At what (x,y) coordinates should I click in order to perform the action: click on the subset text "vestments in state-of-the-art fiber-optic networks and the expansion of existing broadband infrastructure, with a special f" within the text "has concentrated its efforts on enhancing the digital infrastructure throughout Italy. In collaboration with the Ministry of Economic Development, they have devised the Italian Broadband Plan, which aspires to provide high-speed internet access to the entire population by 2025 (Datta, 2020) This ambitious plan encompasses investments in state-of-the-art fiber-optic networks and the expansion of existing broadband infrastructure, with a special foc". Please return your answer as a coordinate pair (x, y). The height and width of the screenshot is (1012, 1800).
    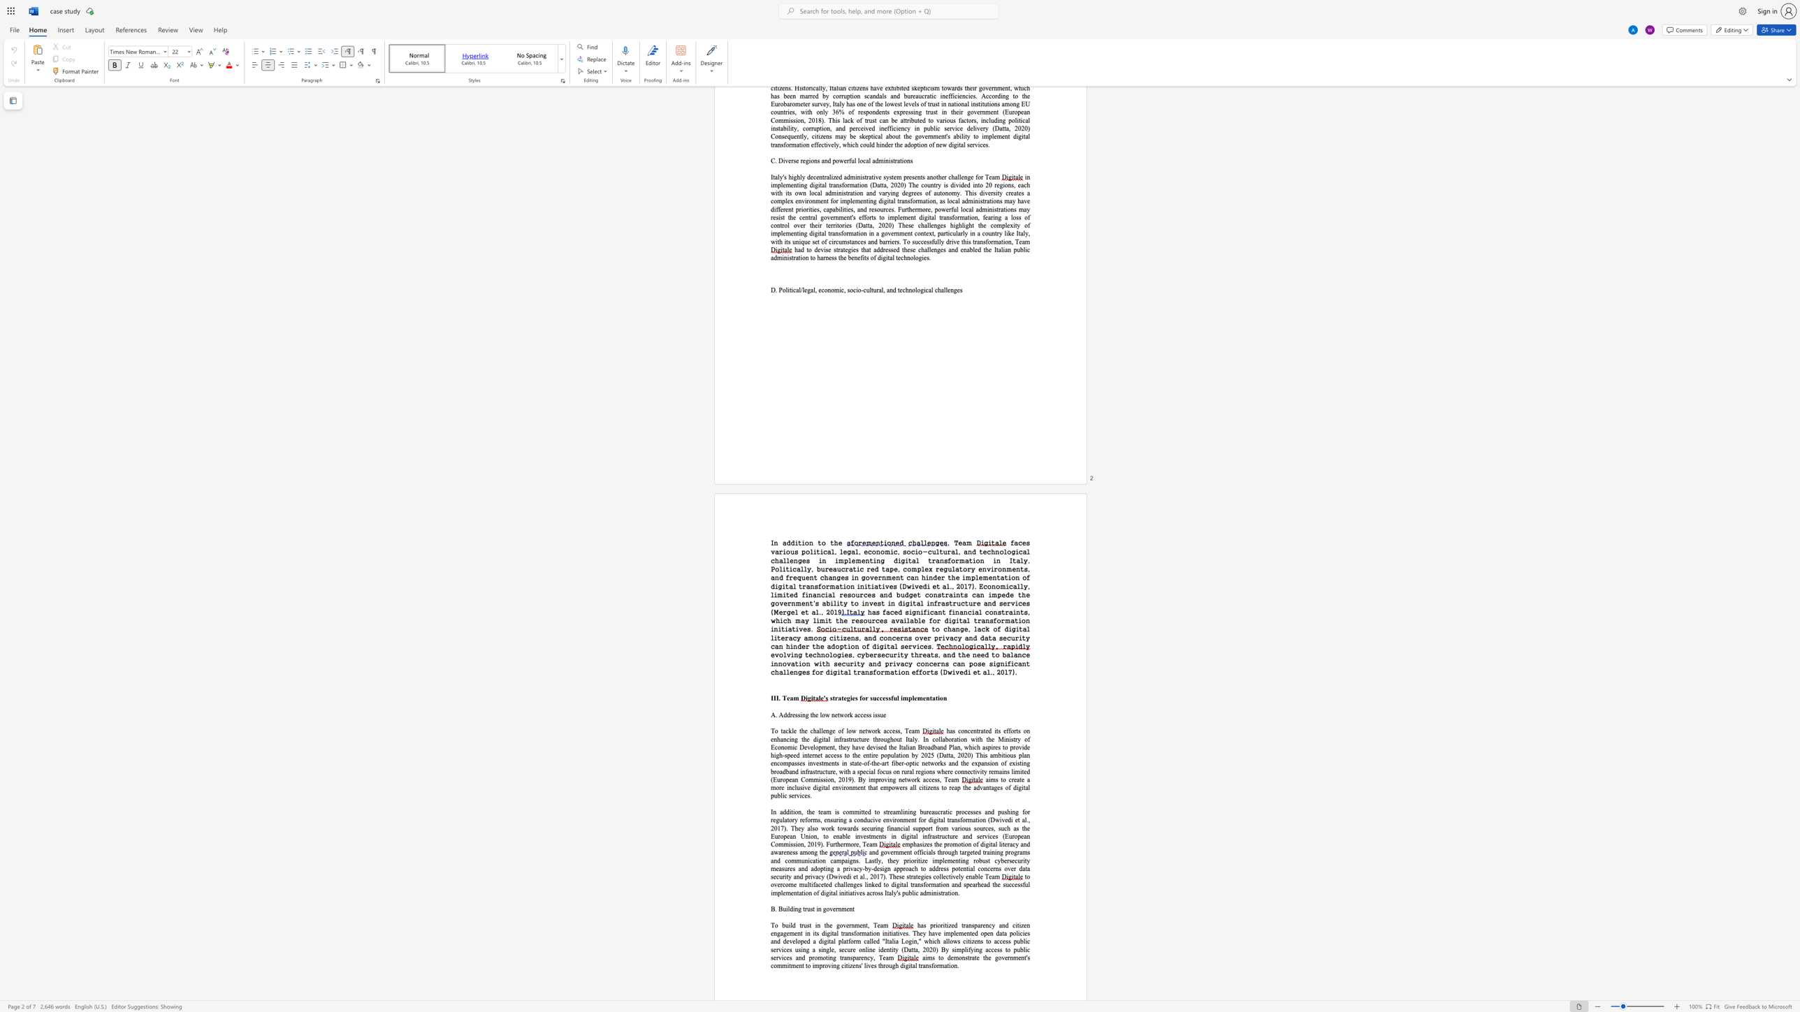
    Looking at the image, I should click on (813, 763).